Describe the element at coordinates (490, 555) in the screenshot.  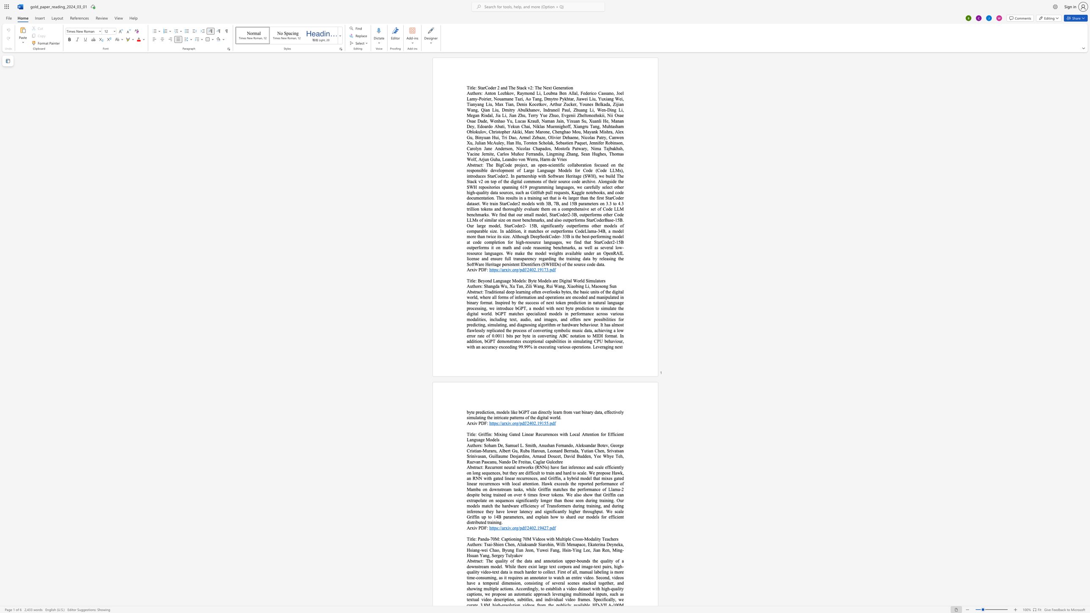
I see `the 10th character "," in the text` at that location.